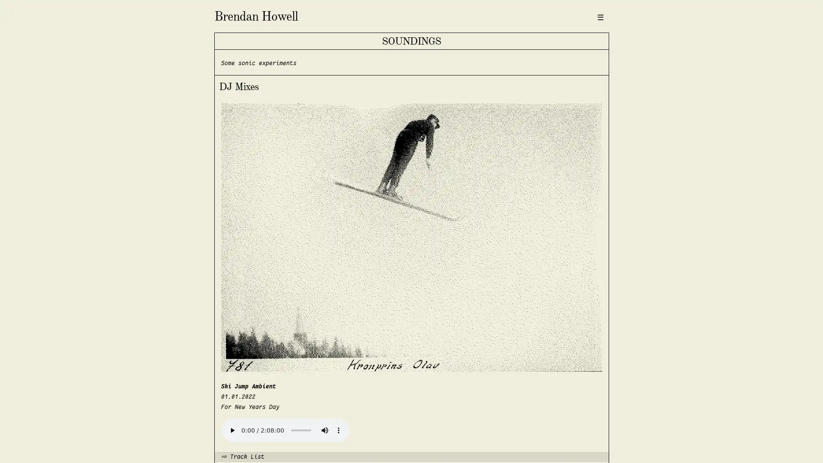 Image resolution: width=823 pixels, height=463 pixels. Describe the element at coordinates (232, 430) in the screenshot. I see `play` at that location.